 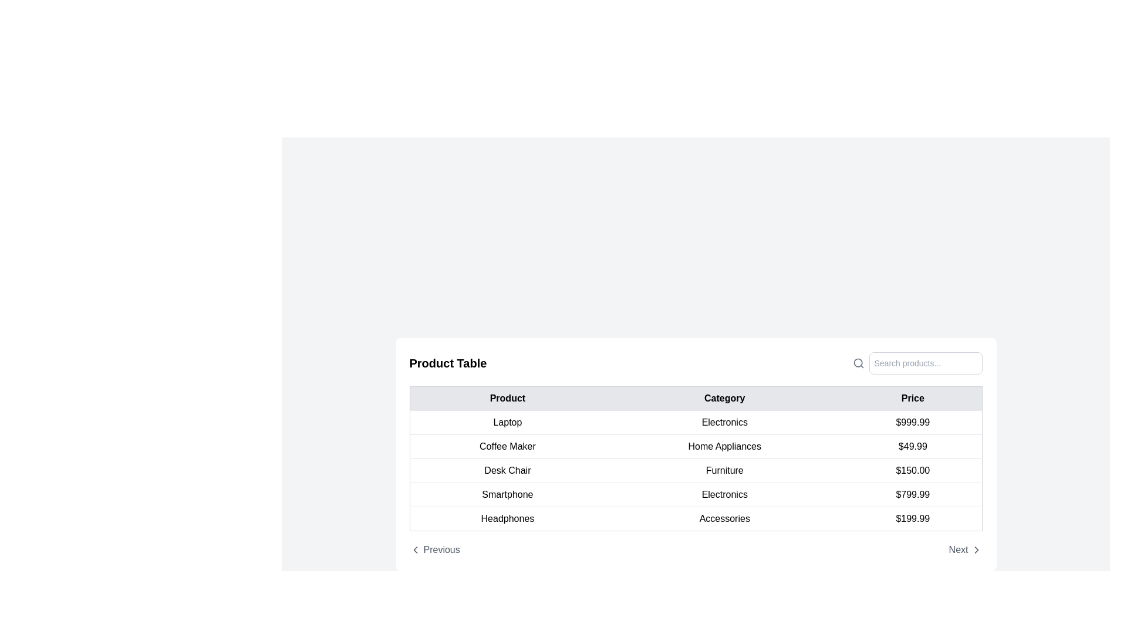 What do you see at coordinates (441, 549) in the screenshot?
I see `the 'Previous' text label or hyperlink located at the bottom-left corner of the product table interface` at bounding box center [441, 549].